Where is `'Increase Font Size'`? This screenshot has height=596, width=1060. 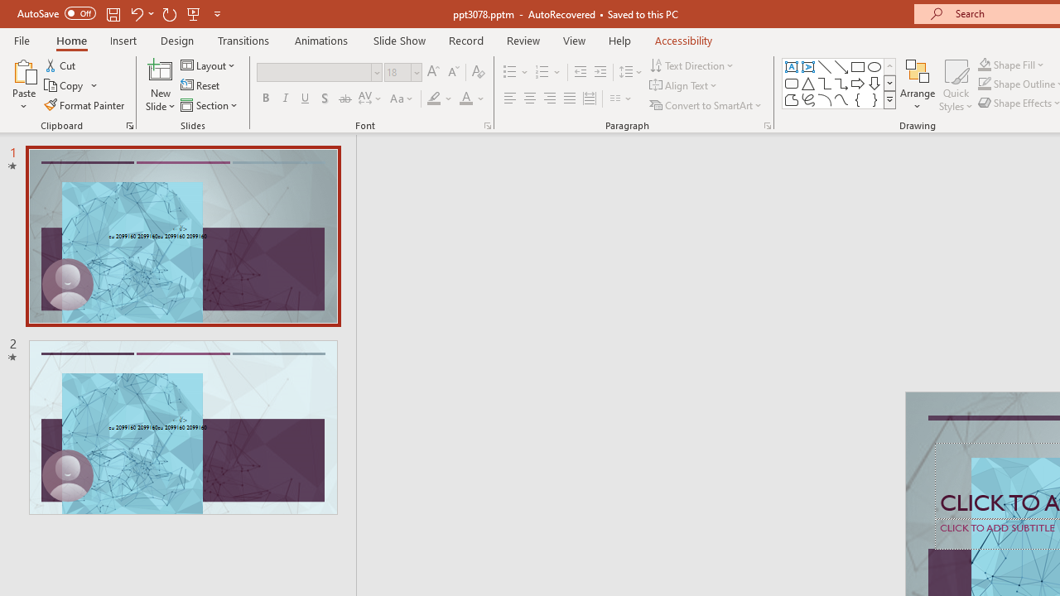 'Increase Font Size' is located at coordinates (432, 71).